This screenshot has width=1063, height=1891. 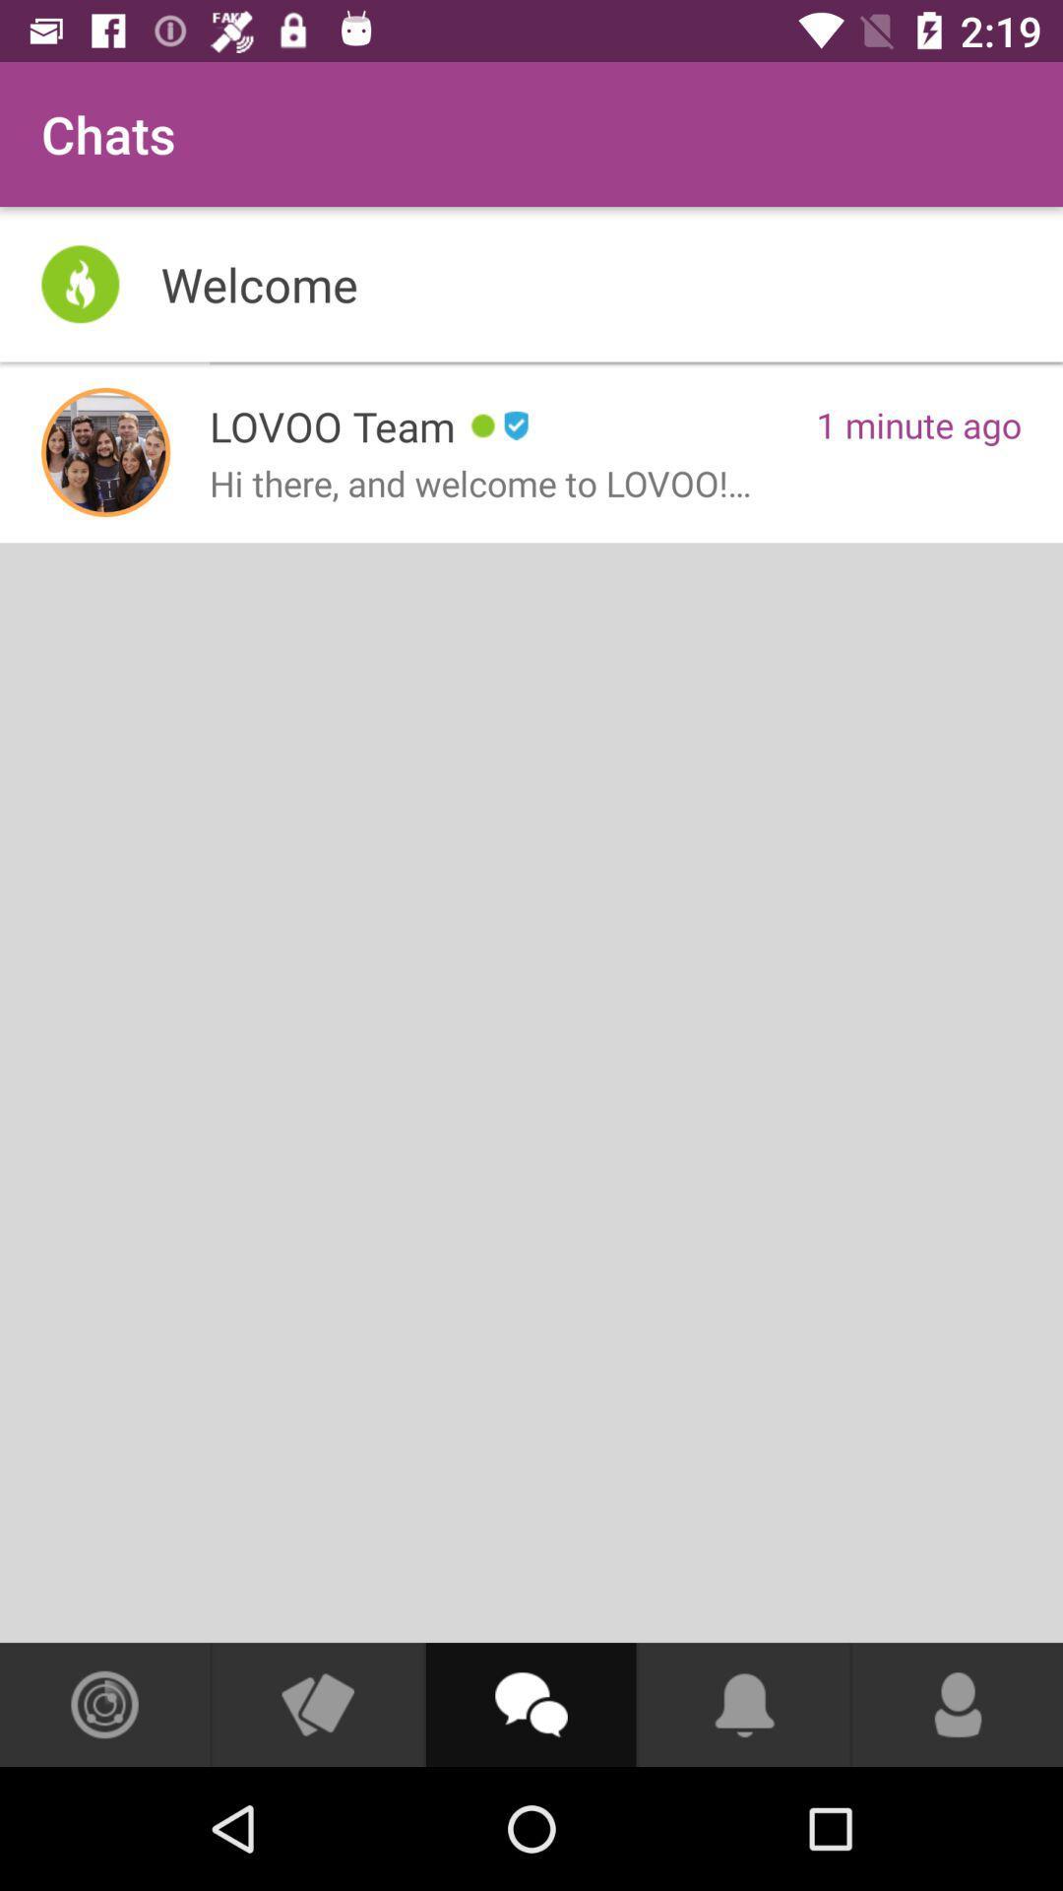 I want to click on navigate to alerts, so click(x=744, y=1704).